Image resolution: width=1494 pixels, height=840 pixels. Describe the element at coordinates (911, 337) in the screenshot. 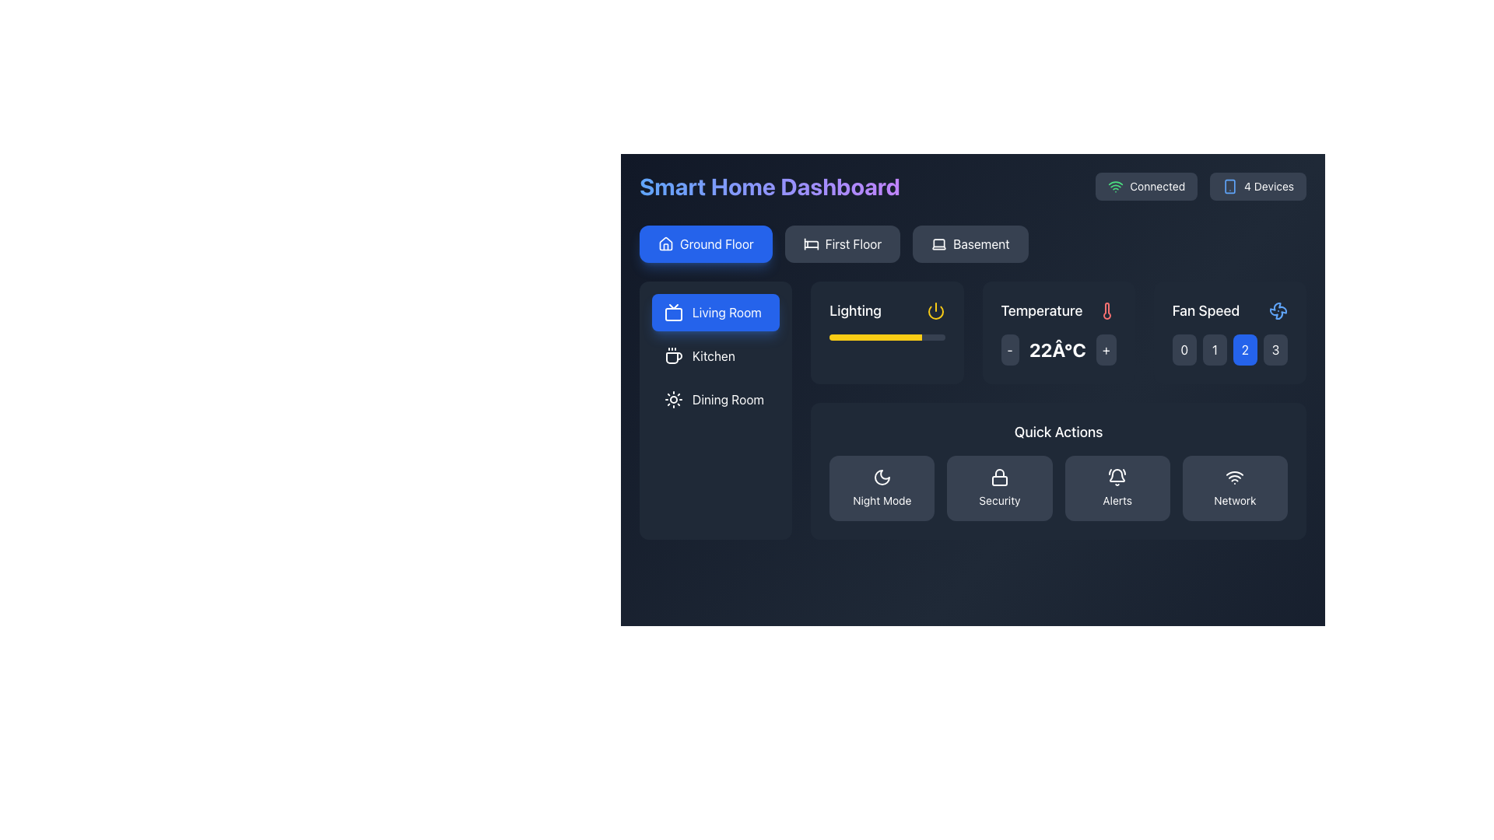

I see `slider` at that location.